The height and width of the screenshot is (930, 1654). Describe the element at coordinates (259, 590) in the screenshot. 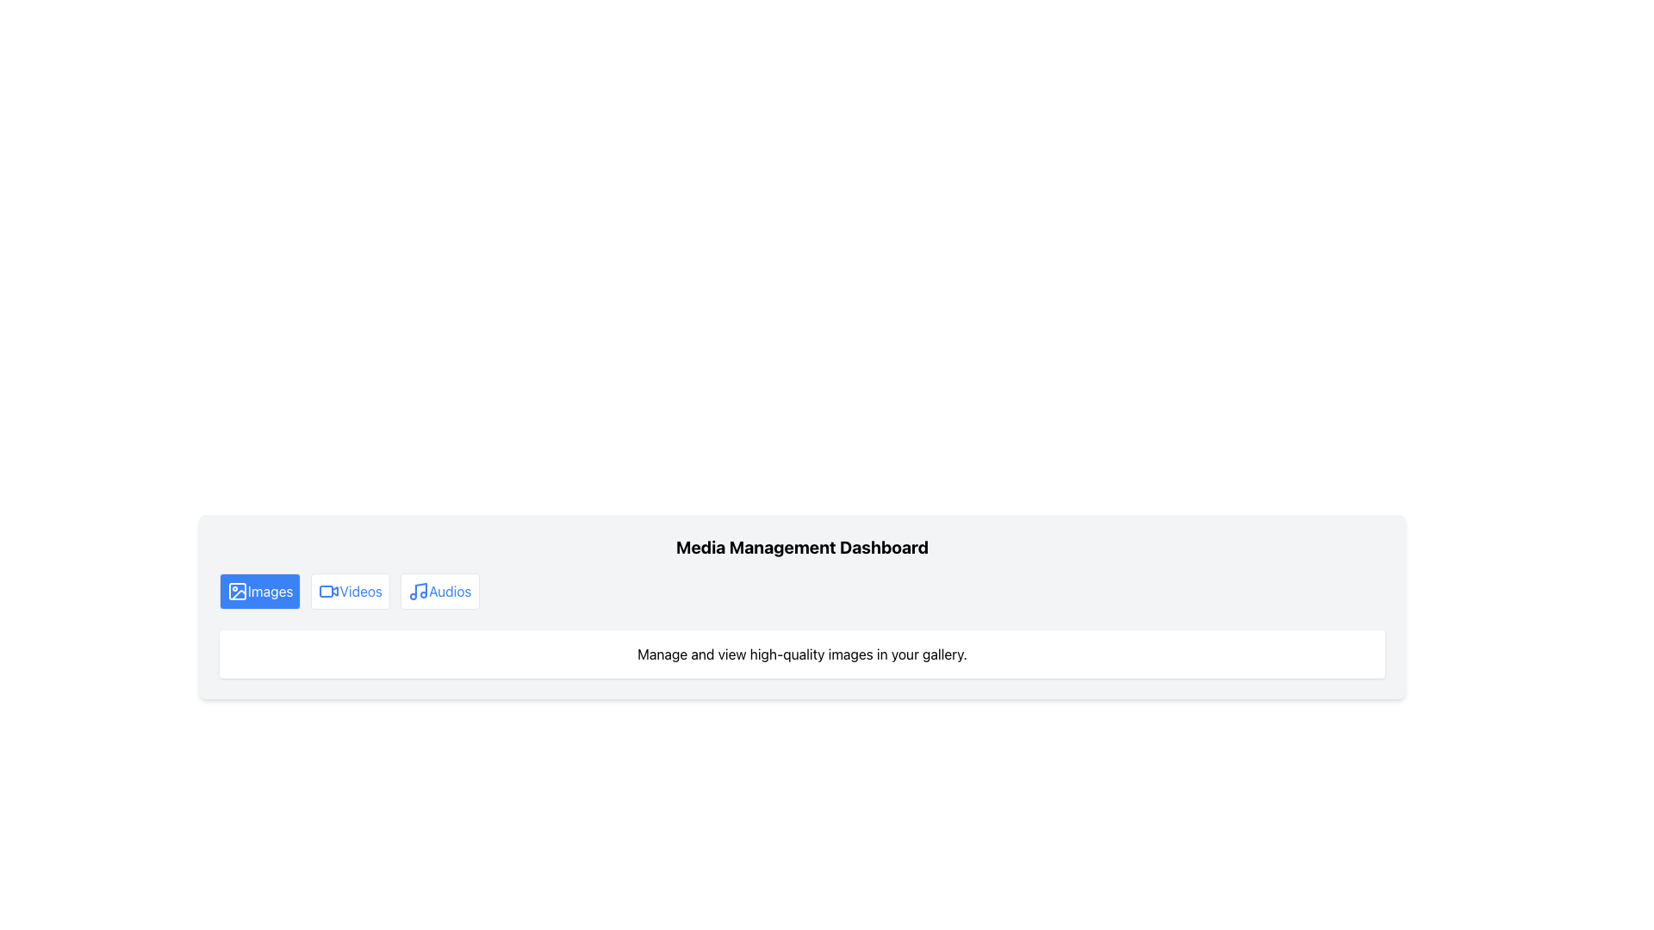

I see `the 'Images' button located in the top-left corner of the button section, which has a light blue background and rounded corners` at that location.